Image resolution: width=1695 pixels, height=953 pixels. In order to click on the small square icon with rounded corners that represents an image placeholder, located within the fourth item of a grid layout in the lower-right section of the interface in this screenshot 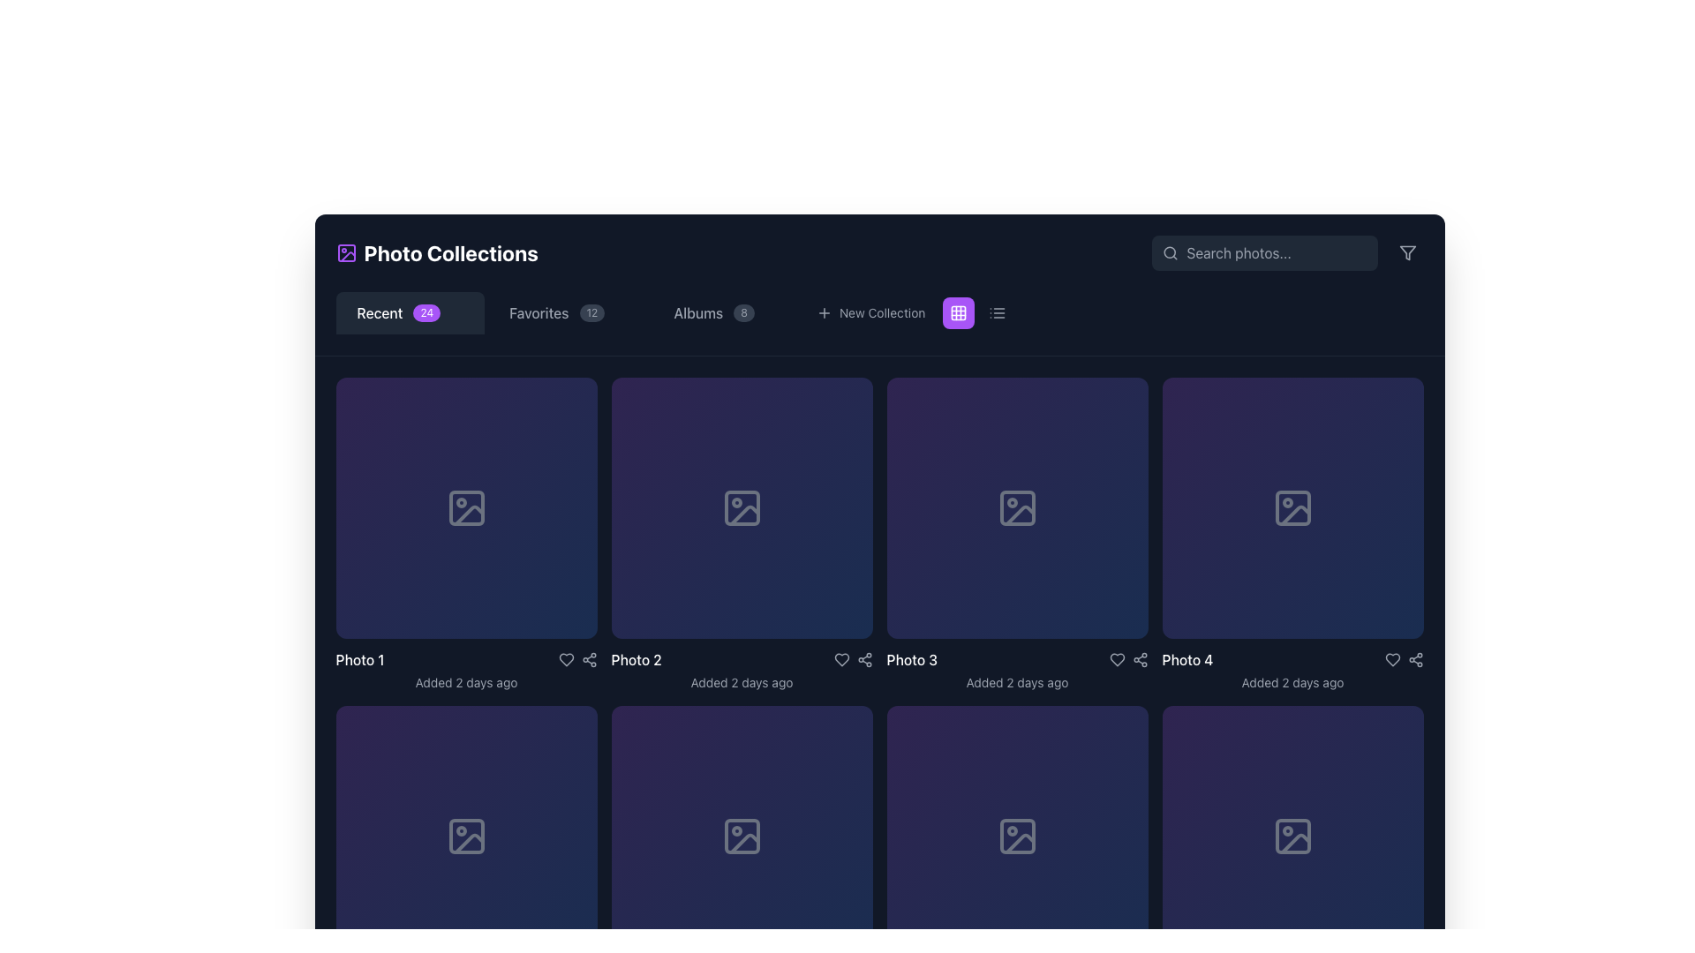, I will do `click(1292, 836)`.